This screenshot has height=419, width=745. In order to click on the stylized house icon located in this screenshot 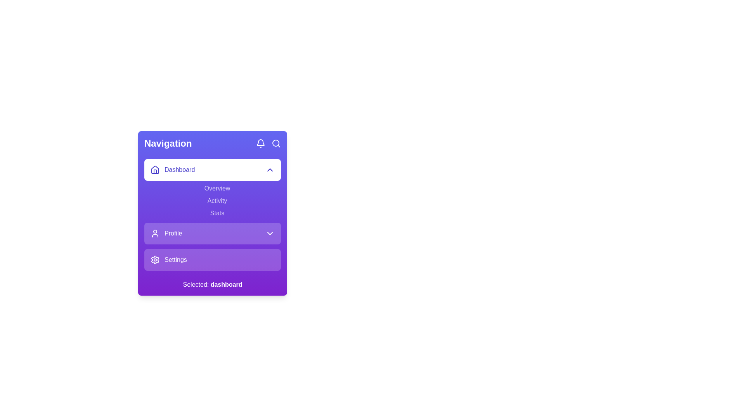, I will do `click(155, 170)`.